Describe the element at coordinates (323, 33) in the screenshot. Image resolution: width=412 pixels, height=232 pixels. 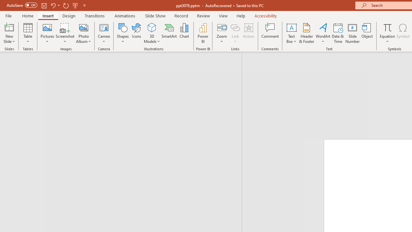
I see `'WordArt'` at that location.